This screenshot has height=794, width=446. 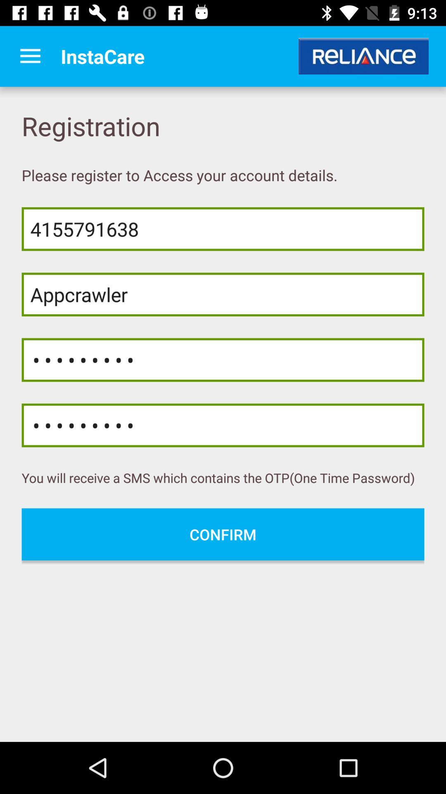 What do you see at coordinates (223, 534) in the screenshot?
I see `confirm` at bounding box center [223, 534].